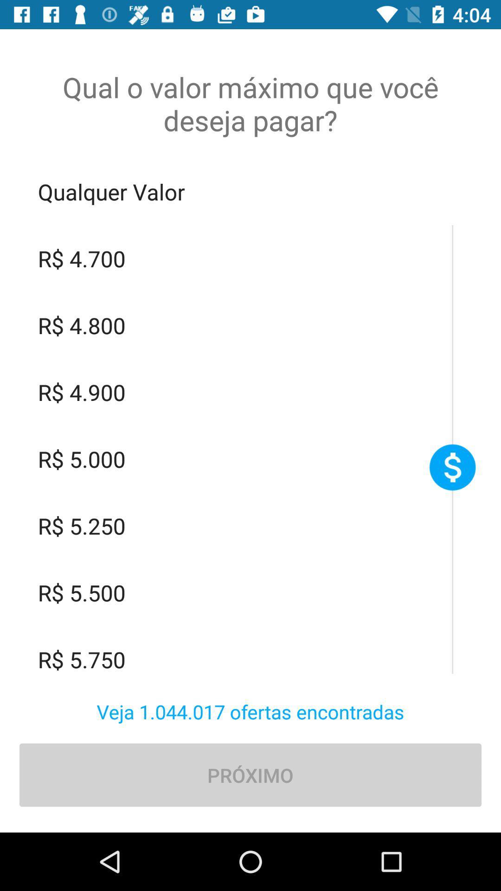  What do you see at coordinates (250, 191) in the screenshot?
I see `qualquer valor item` at bounding box center [250, 191].